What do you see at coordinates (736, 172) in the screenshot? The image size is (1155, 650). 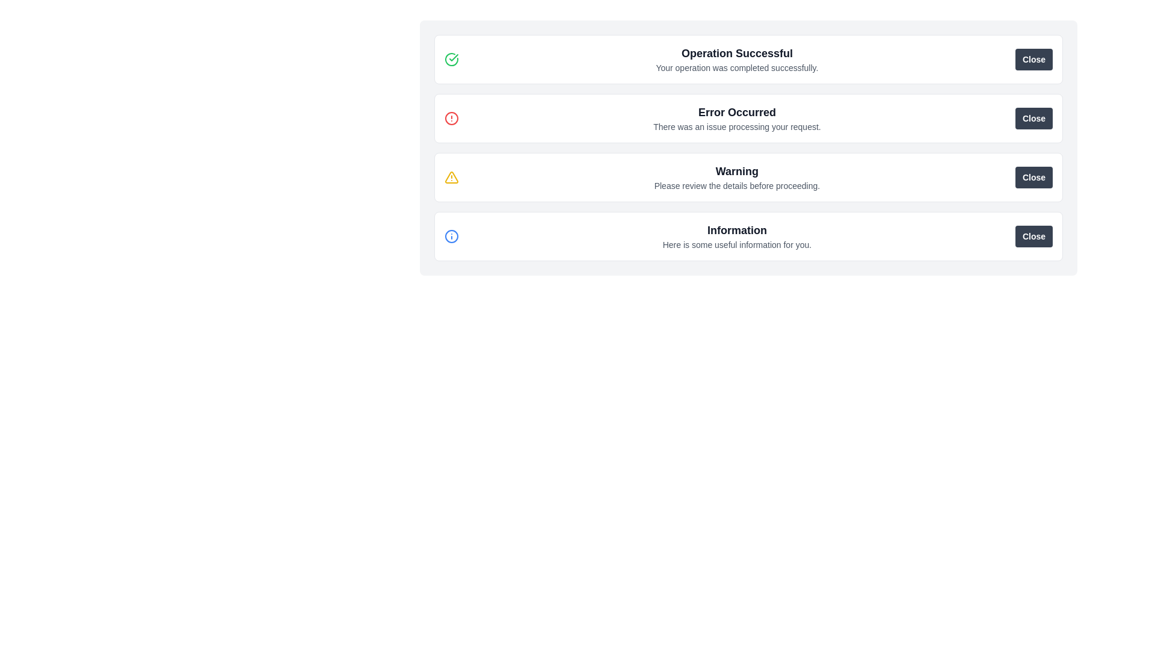 I see `text label that alerts users about a situation requiring their attention, positioned below 'Error Occurred' and above 'Information'` at bounding box center [736, 172].